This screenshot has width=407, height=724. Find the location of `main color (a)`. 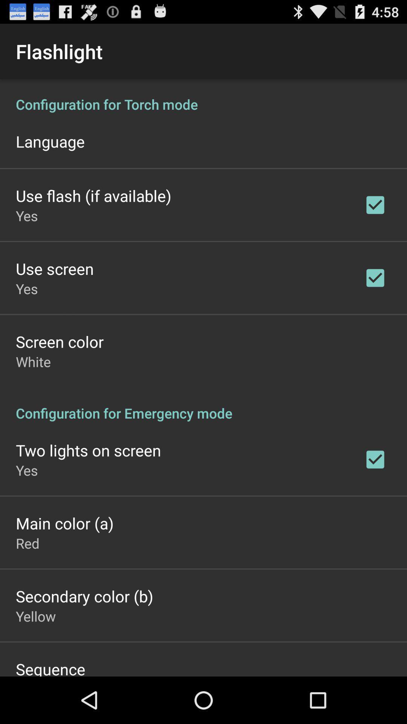

main color (a) is located at coordinates (64, 523).